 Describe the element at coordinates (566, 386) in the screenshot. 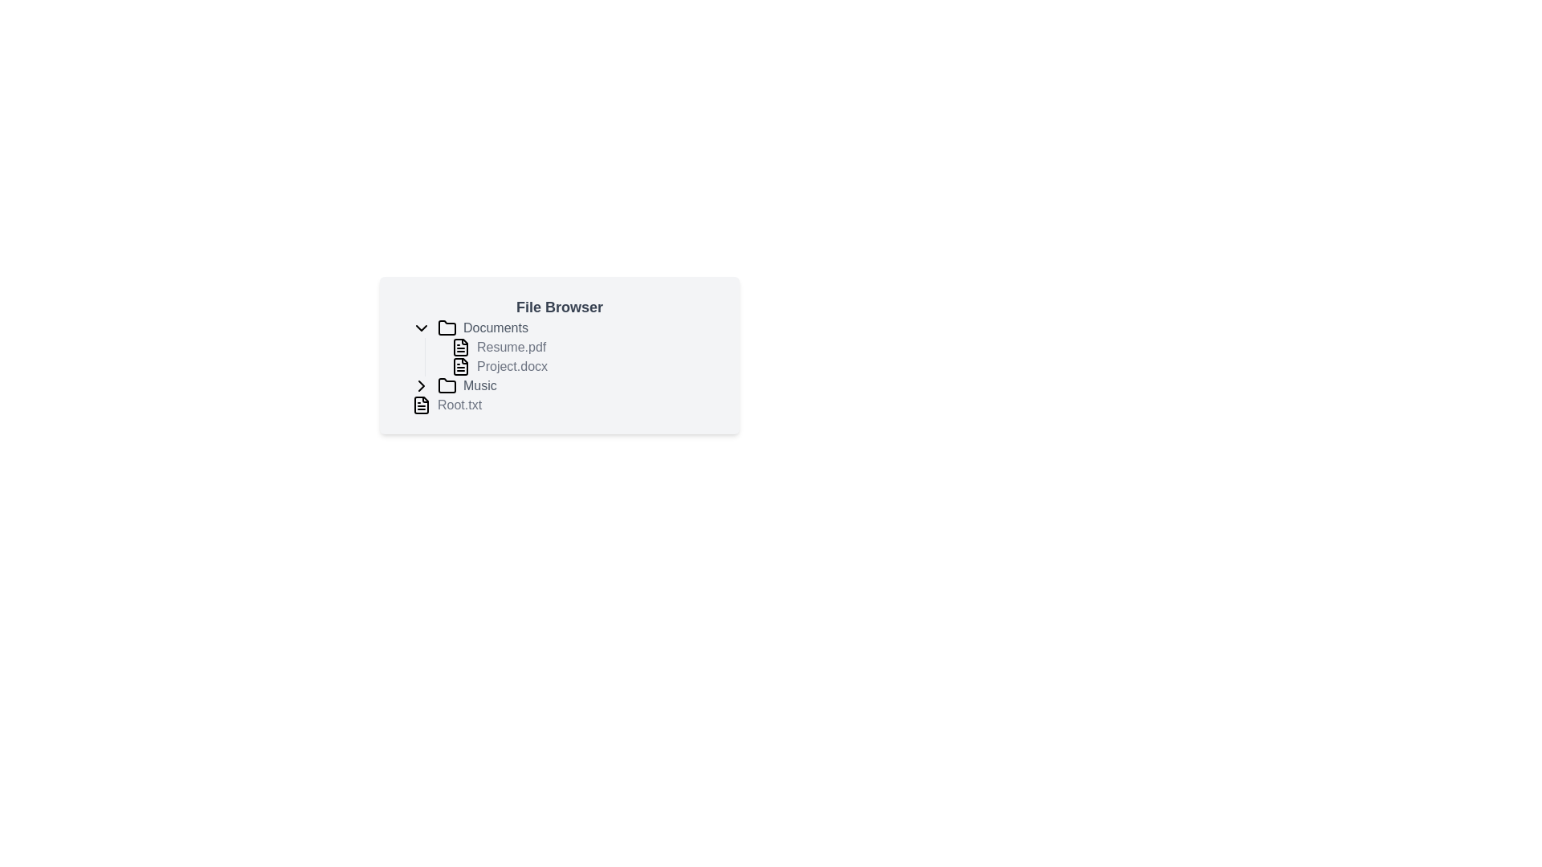

I see `the second row folder entry in the file browser, located between 'Documents' and 'Root.txt'` at that location.